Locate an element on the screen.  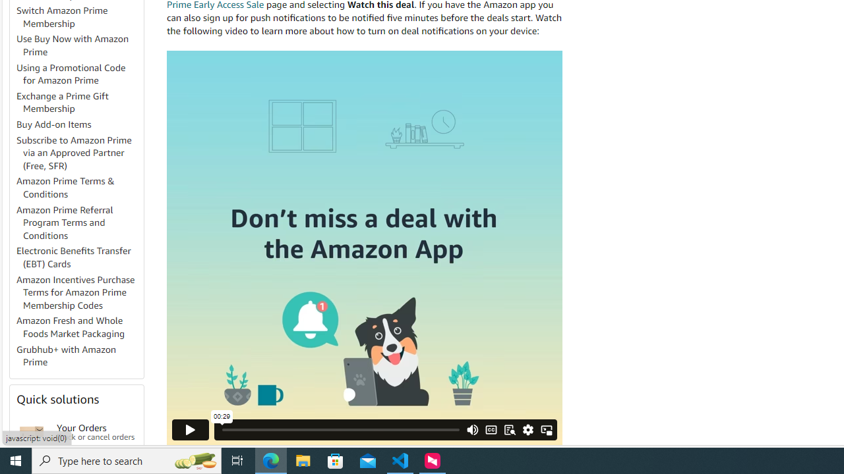
'Grubhub+ with Amazon Prime' is located at coordinates (66, 355).